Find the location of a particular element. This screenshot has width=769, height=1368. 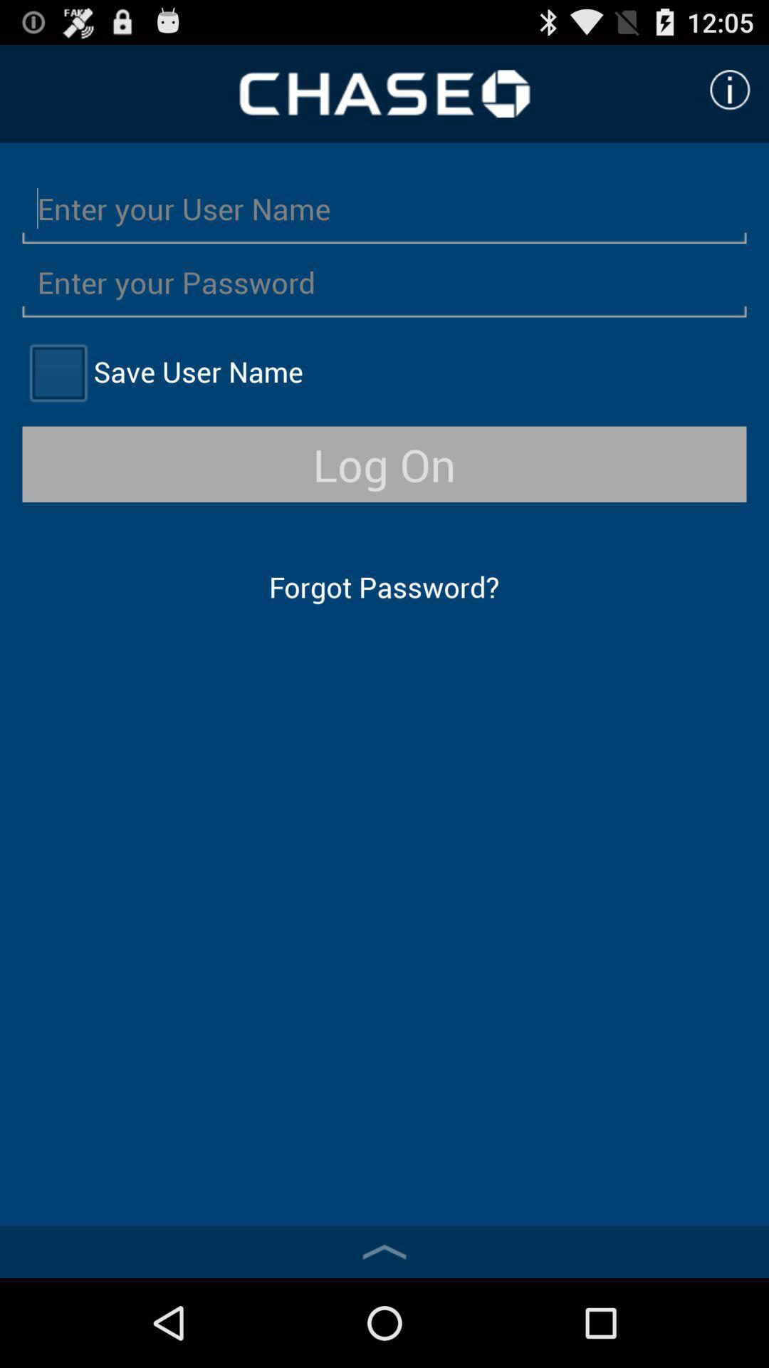

the item below forgot password? icon is located at coordinates (384, 1251).